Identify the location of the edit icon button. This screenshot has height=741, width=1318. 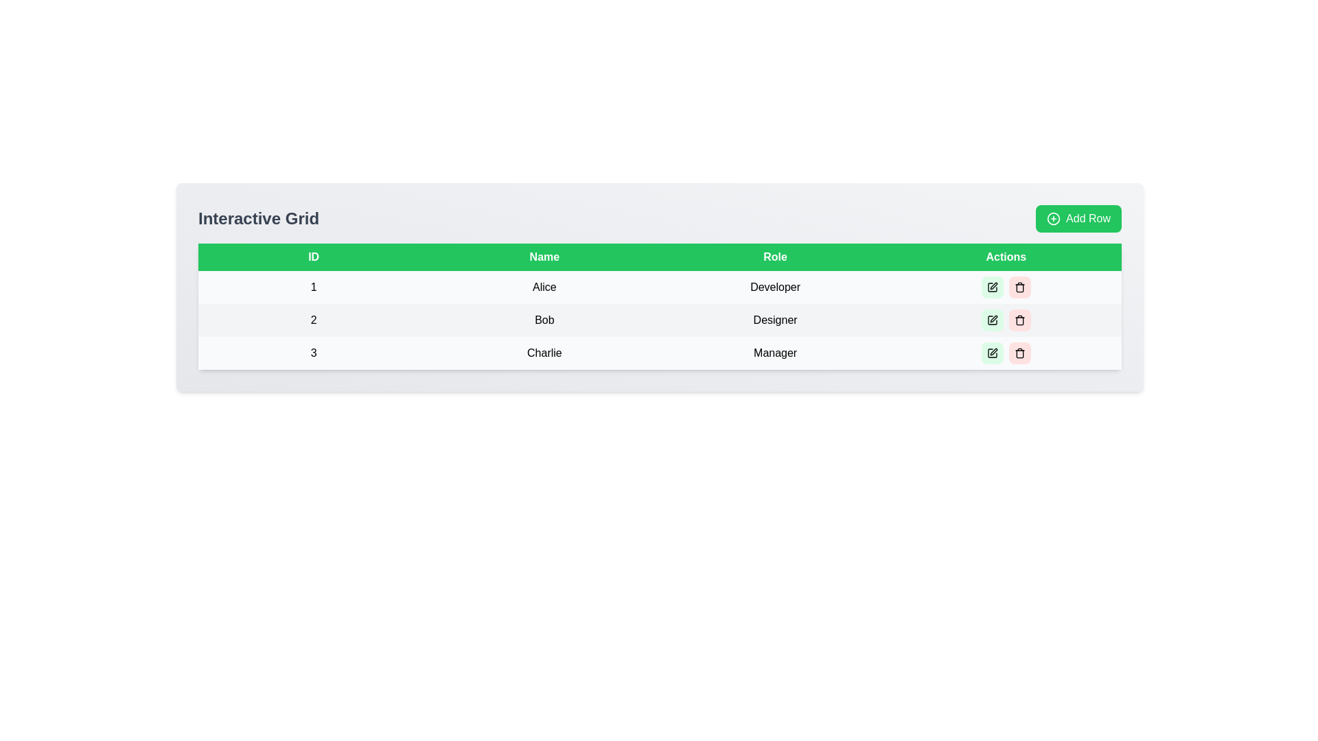
(993, 351).